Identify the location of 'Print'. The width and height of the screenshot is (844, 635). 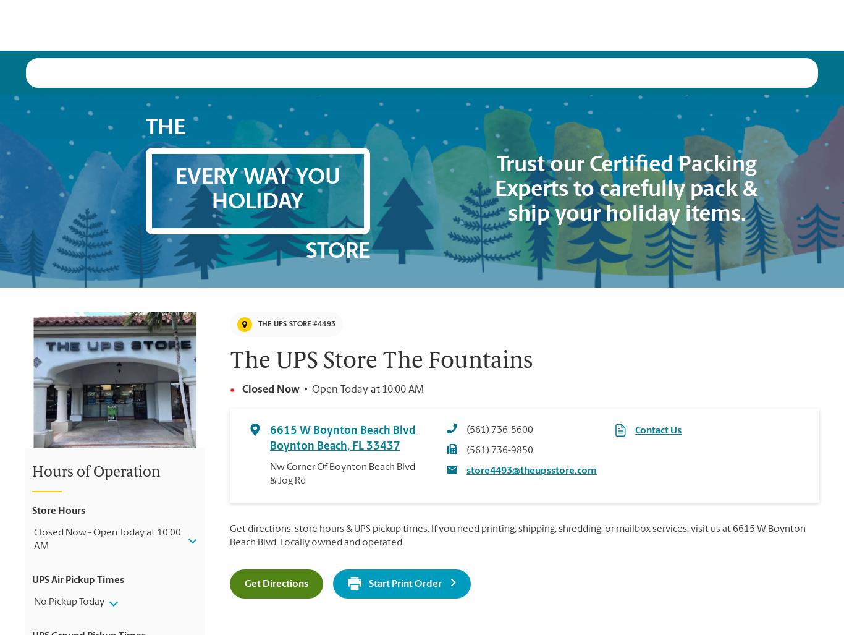
(332, 24).